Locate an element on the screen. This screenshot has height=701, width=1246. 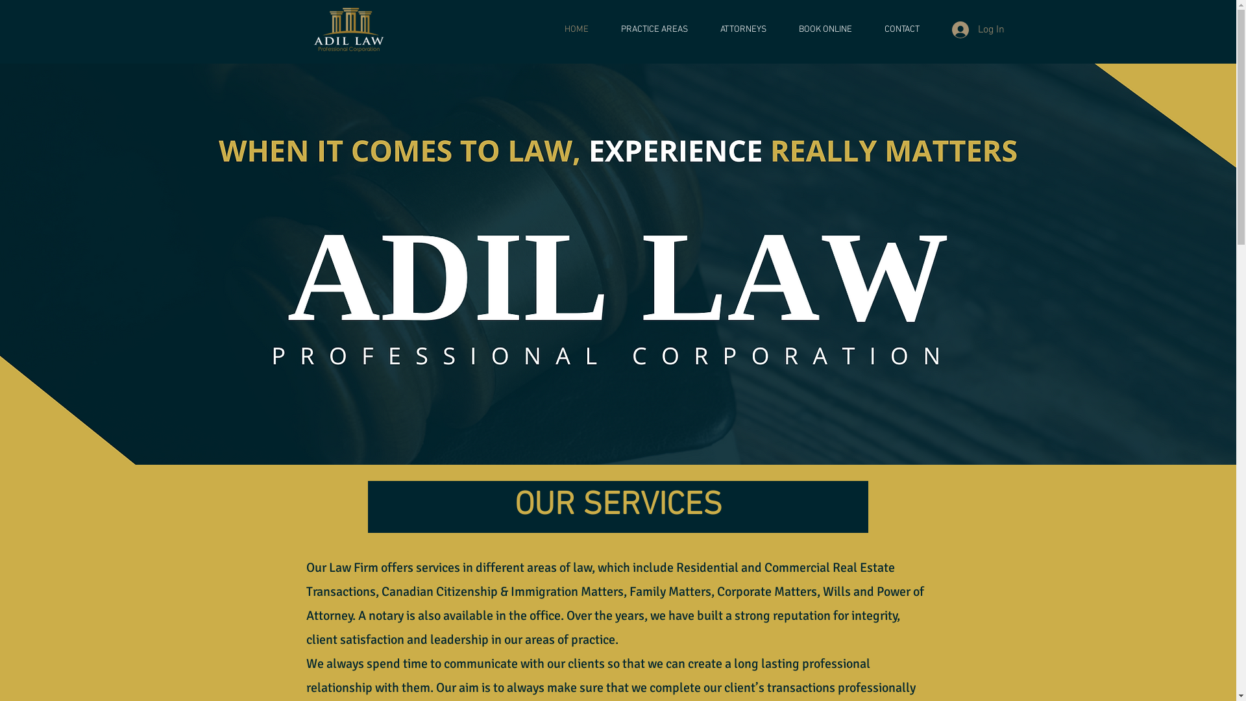
'BOOK ONLINE' is located at coordinates (781, 29).